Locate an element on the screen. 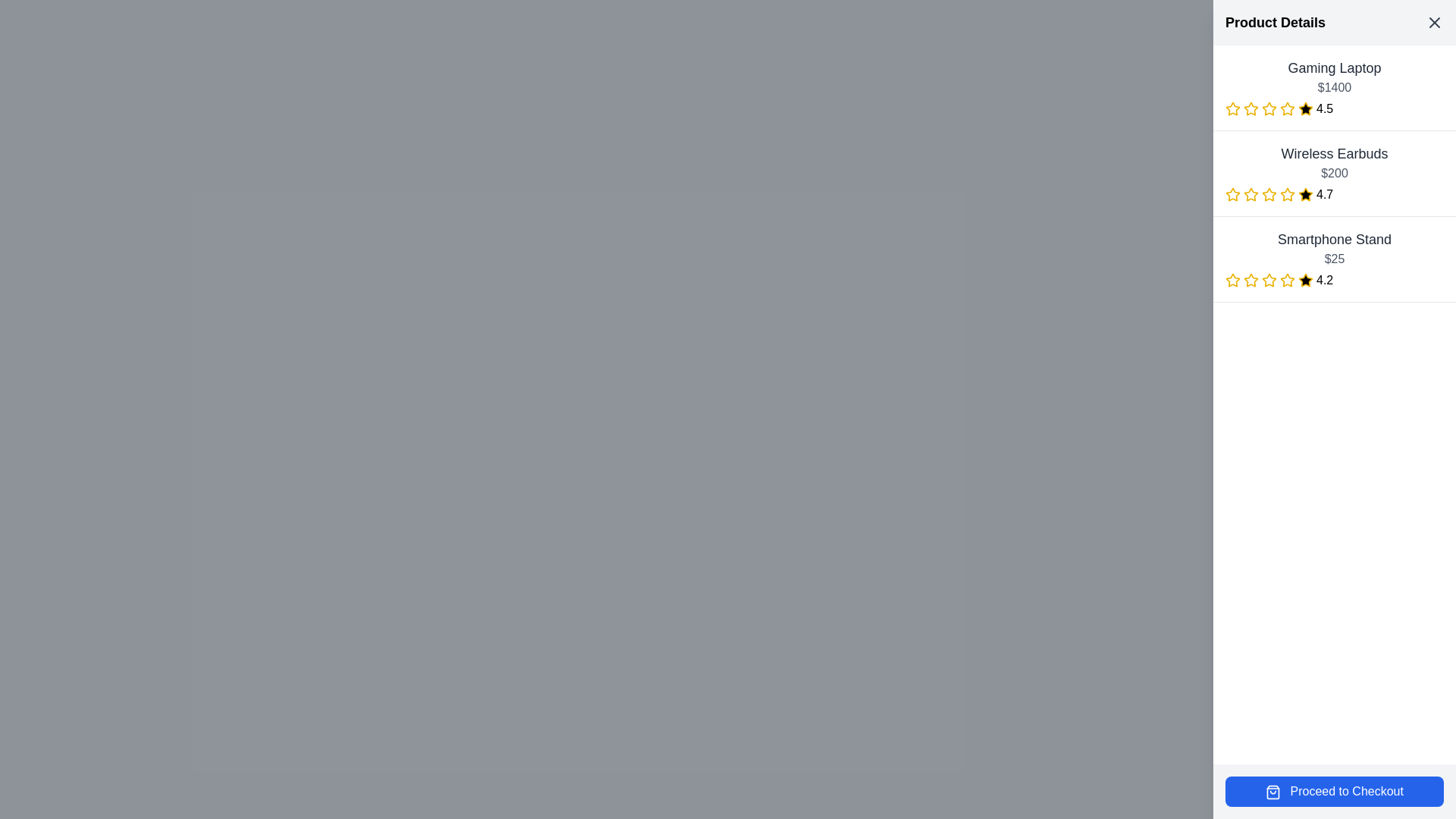  the 5th Rating Star Icon, which is styled with a yellow outline and a transparent center, located in the horizontal row of rating stars for the 'Smartphone Stand' under the 'Product Details' section is located at coordinates (1287, 281).